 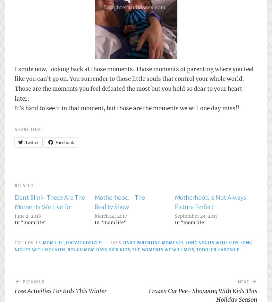 What do you see at coordinates (243, 281) in the screenshot?
I see `'Next'` at bounding box center [243, 281].